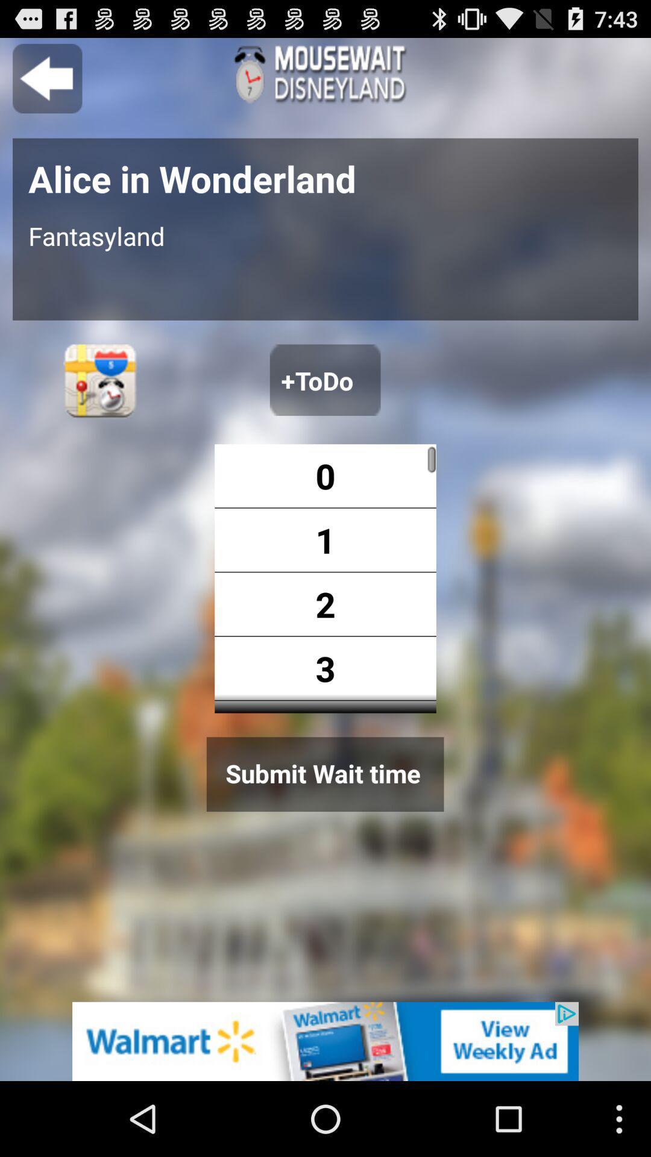 This screenshot has width=651, height=1157. I want to click on click button on the upper middle screen to go to mousewait disneyland, so click(325, 74).